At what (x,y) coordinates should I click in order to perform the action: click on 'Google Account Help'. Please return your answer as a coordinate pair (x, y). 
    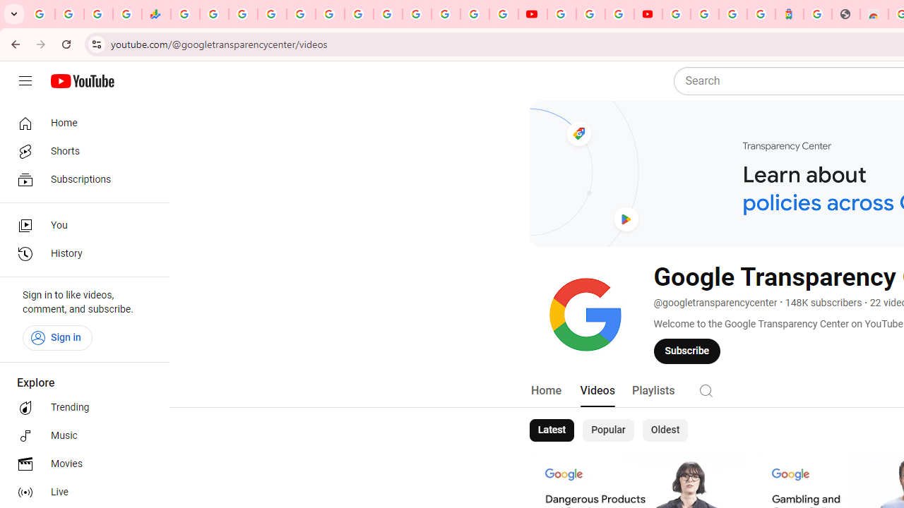
    Looking at the image, I should click on (590, 14).